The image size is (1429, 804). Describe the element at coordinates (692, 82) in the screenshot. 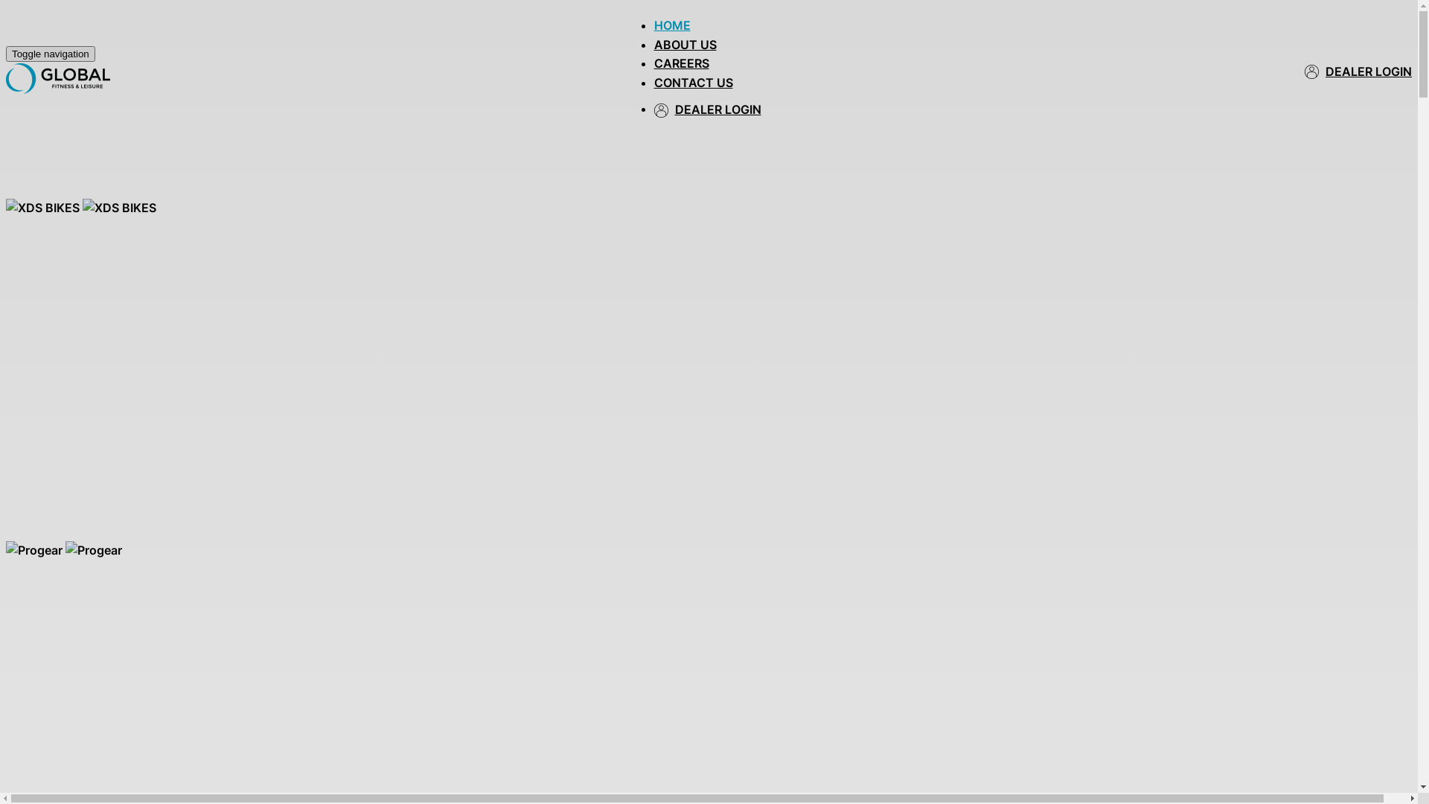

I see `'CONTACT US'` at that location.